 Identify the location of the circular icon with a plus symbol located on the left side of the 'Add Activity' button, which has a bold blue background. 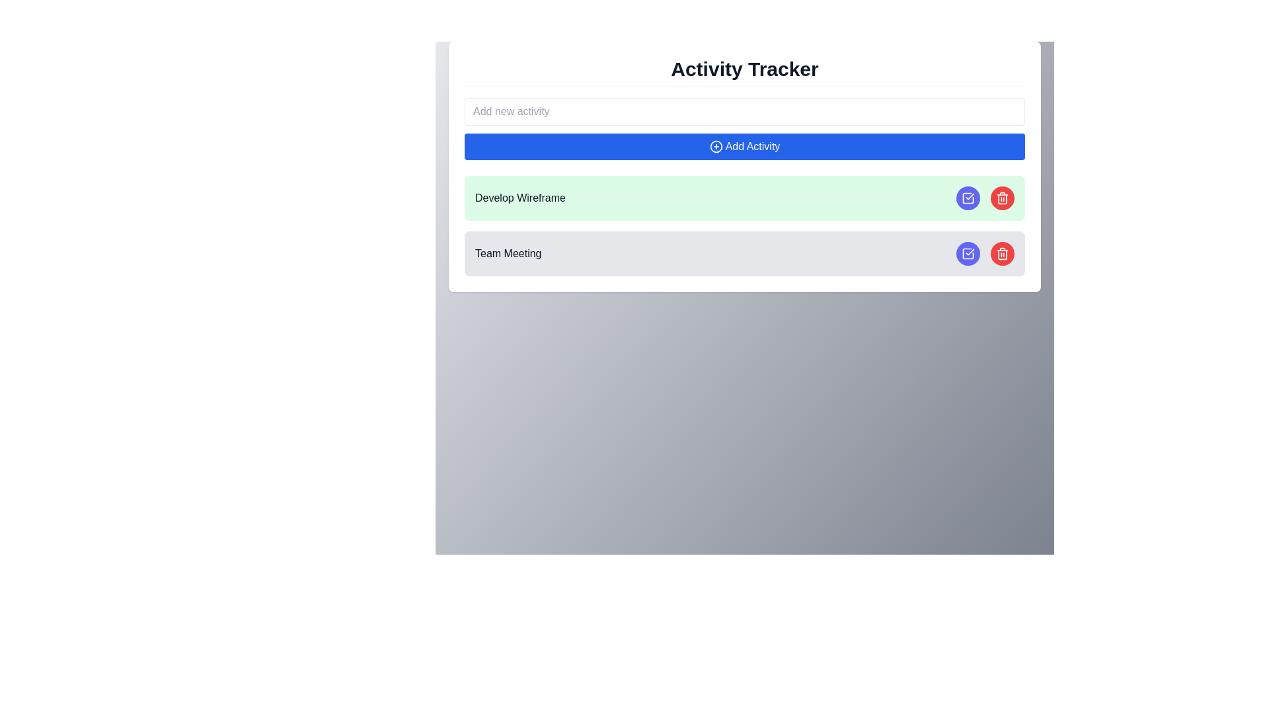
(715, 147).